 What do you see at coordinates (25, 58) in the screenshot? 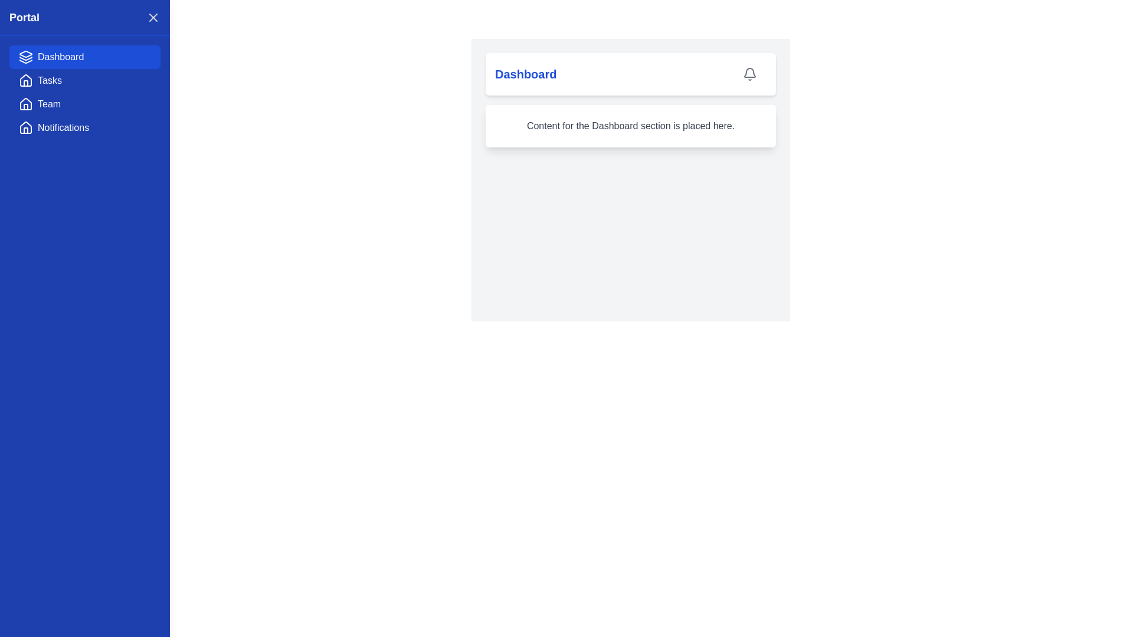
I see `the icon resembling a layered structure located in the navigation menu near the 'Dashboard' label` at bounding box center [25, 58].